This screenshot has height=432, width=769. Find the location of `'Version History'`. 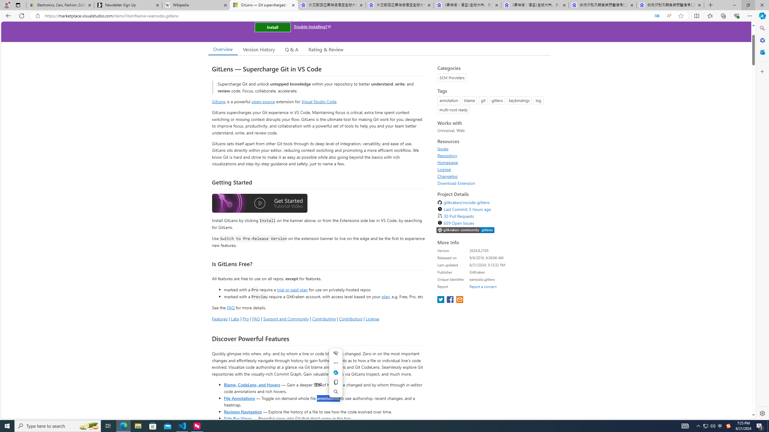

'Version History' is located at coordinates (258, 49).